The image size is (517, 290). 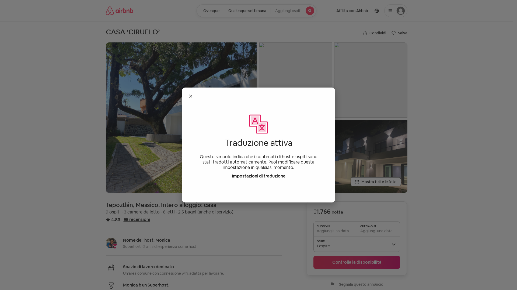 I want to click on 'Mostra tutte le foto', so click(x=375, y=182).